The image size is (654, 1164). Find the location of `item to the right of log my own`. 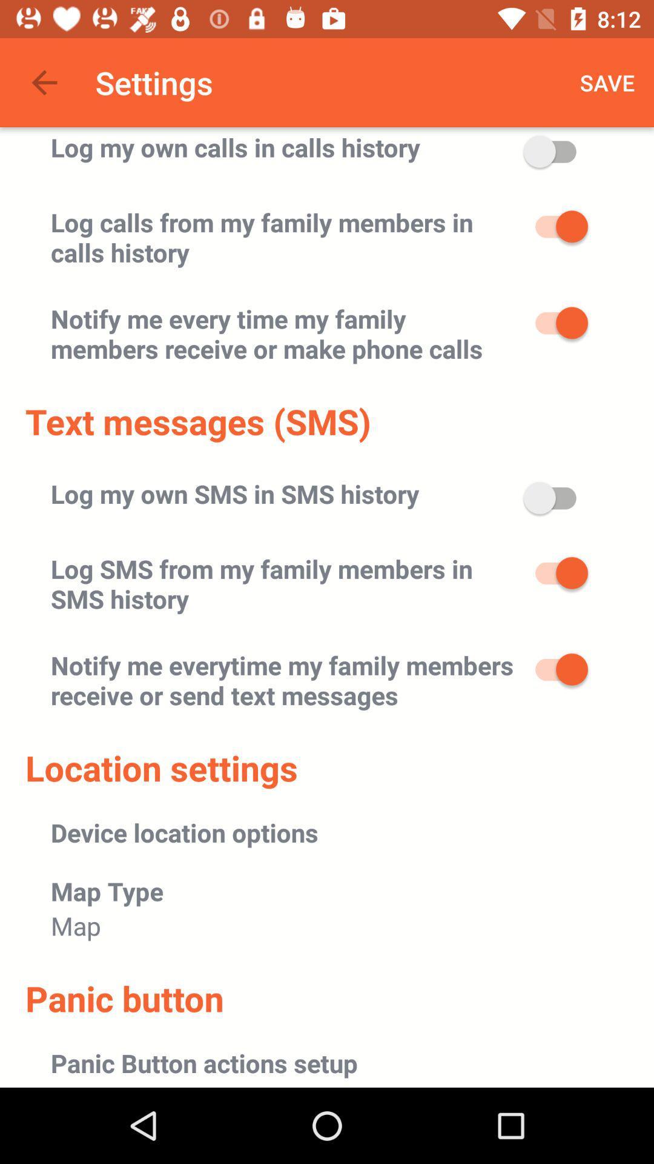

item to the right of log my own is located at coordinates (607, 82).